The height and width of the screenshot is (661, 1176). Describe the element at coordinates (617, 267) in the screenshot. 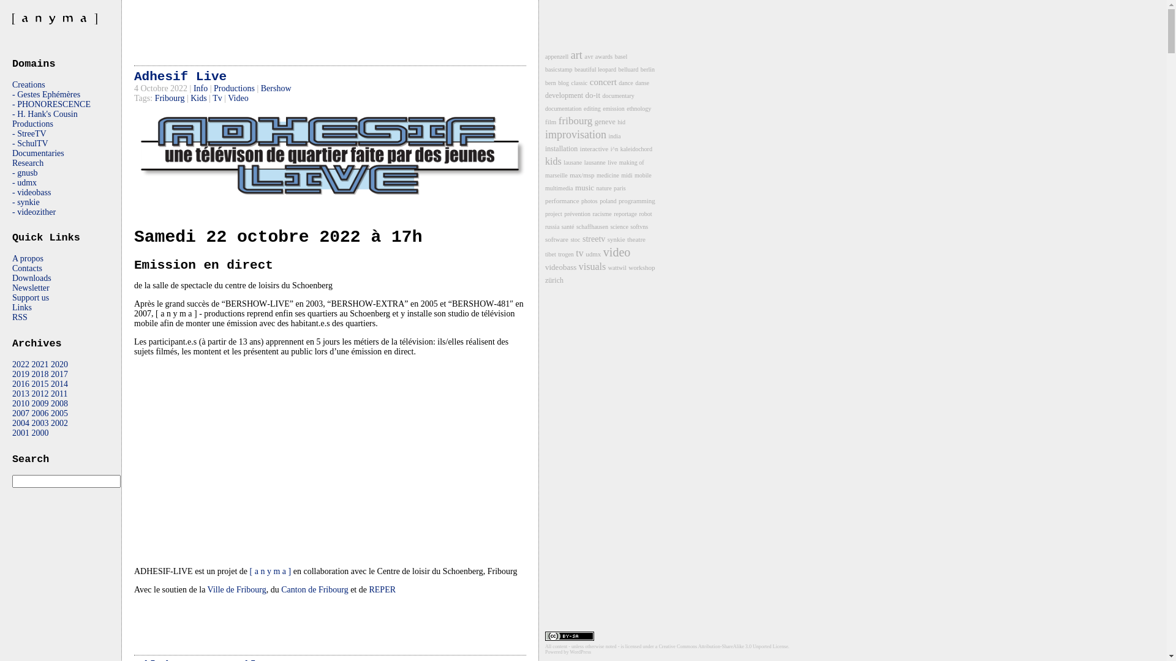

I see `'wattwil'` at that location.